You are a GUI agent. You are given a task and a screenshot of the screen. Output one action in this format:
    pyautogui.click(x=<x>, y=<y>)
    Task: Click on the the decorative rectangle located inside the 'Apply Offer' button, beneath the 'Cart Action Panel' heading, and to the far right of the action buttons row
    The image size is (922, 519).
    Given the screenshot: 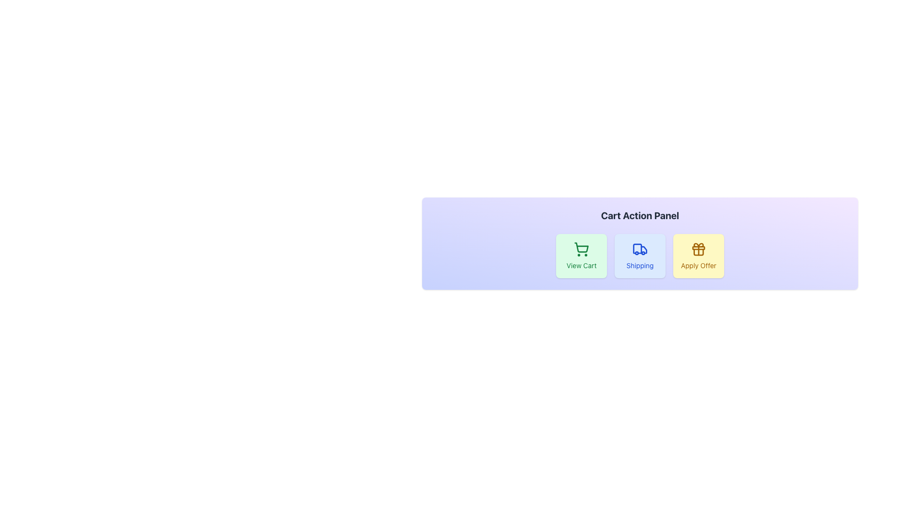 What is the action you would take?
    pyautogui.click(x=698, y=247)
    